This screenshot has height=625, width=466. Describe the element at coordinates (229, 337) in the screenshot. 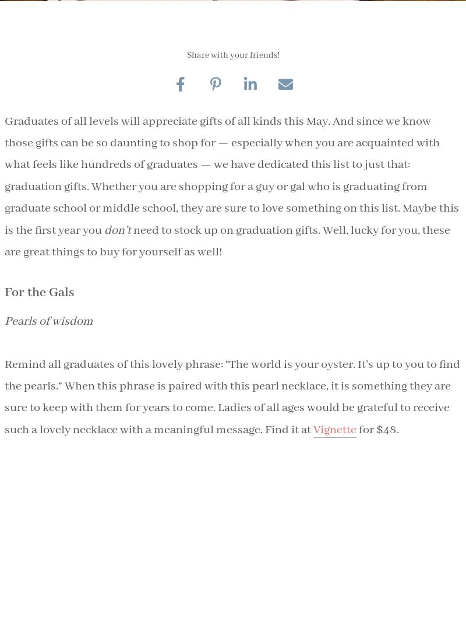

I see `'Event Submission'` at that location.